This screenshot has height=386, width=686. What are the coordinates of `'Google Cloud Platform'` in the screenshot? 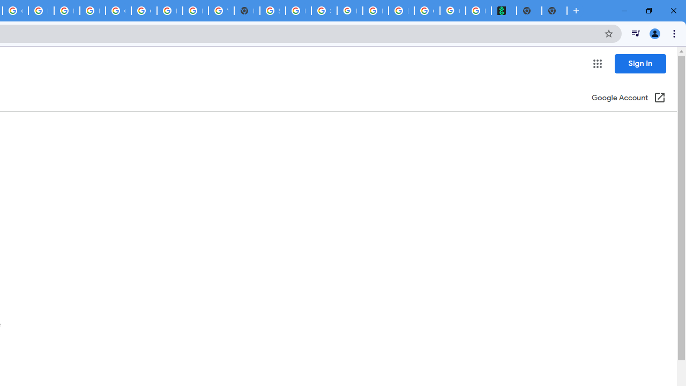 It's located at (118, 11).